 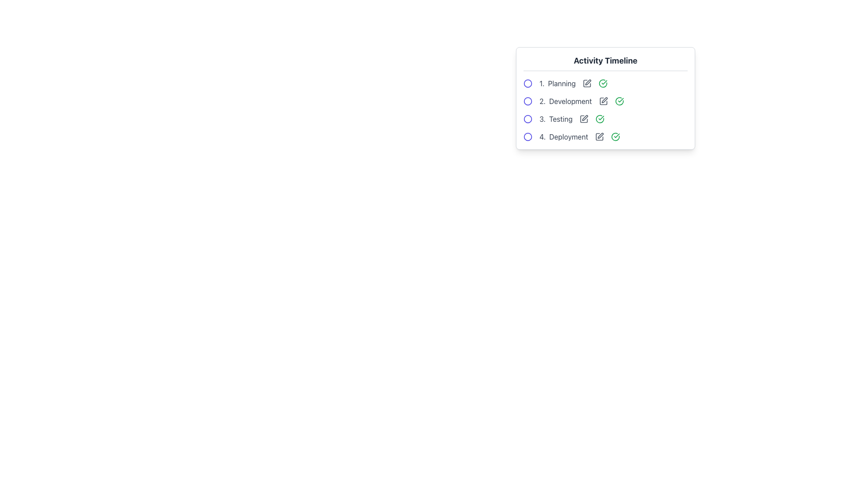 What do you see at coordinates (556, 118) in the screenshot?
I see `the 'Testing' phase text label, which is the third item in the 'Activity Timeline' sequence` at bounding box center [556, 118].